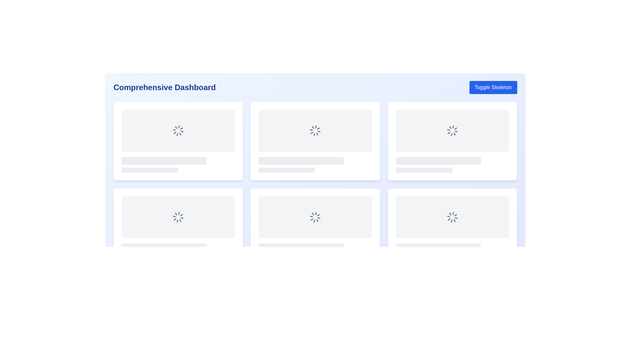 This screenshot has width=629, height=354. What do you see at coordinates (178, 130) in the screenshot?
I see `the Loader, which is a visual indicator for loading or processing, centrally positioned in the first card of the leftmost column in the first row` at bounding box center [178, 130].